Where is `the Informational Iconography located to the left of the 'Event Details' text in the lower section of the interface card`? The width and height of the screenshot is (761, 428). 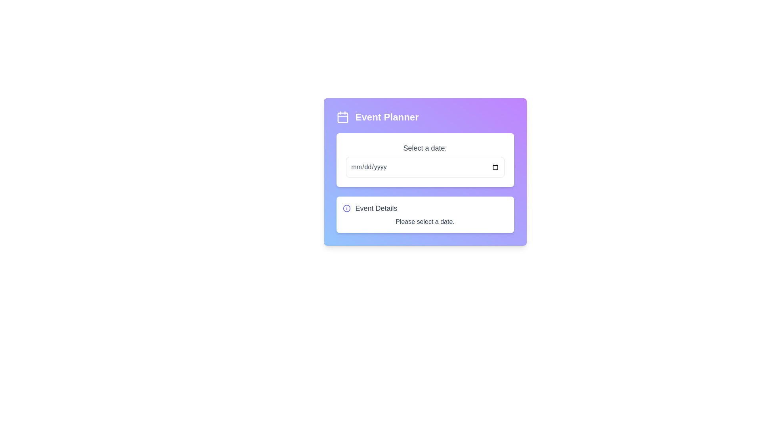 the Informational Iconography located to the left of the 'Event Details' text in the lower section of the interface card is located at coordinates (346, 208).